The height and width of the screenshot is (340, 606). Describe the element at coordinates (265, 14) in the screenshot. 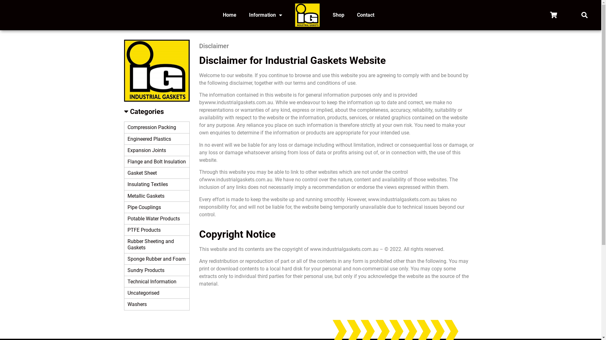

I see `'Information'` at that location.